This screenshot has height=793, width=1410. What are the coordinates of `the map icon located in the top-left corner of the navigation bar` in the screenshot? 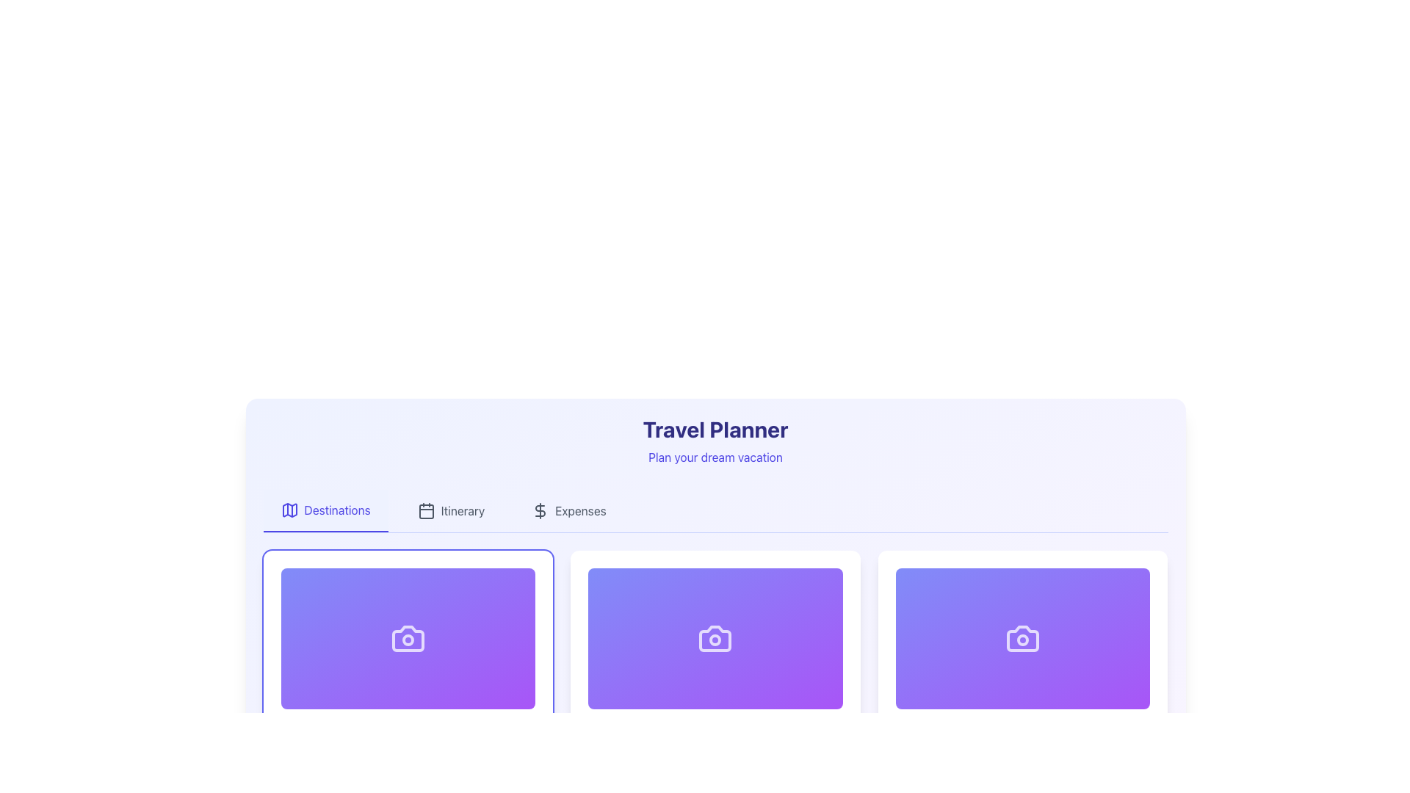 It's located at (289, 509).